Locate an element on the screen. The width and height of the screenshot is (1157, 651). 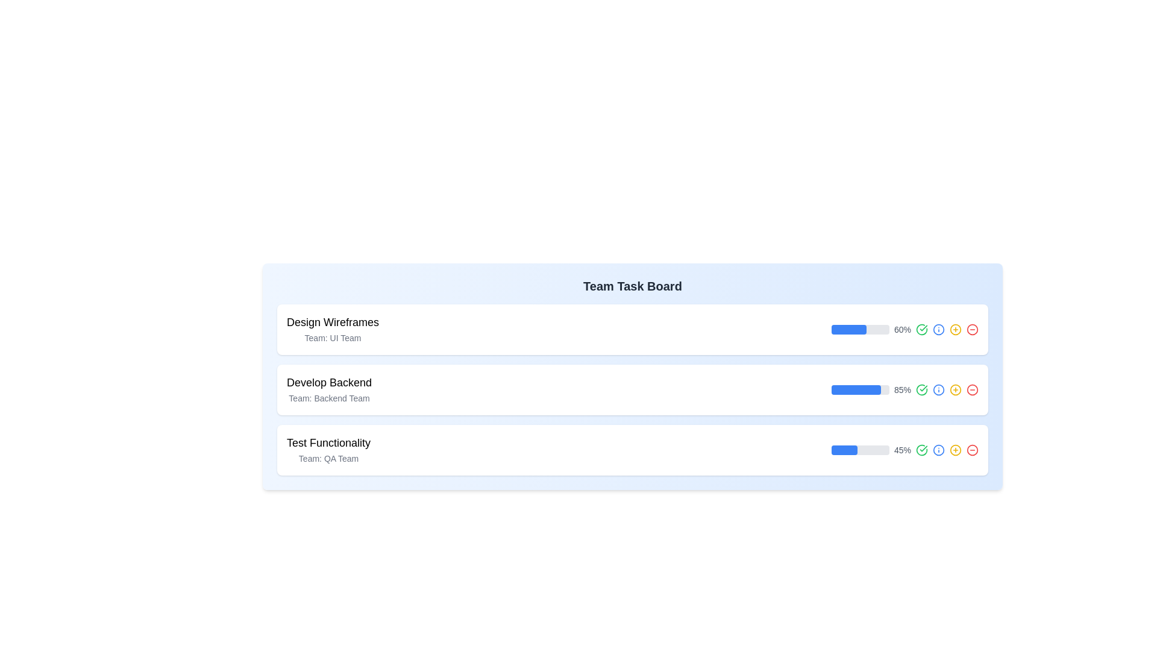
the circular component of the info icon located in the rightmost section of the 'Test Functionality' task card in the third task row is located at coordinates (938, 450).